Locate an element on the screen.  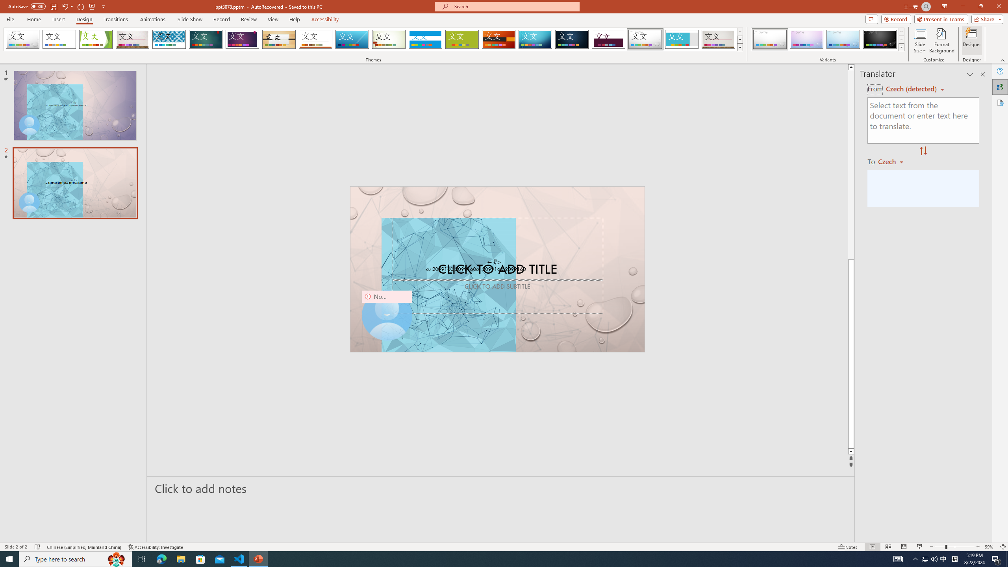
'Camera 9, No camera detected.' is located at coordinates (386, 315).